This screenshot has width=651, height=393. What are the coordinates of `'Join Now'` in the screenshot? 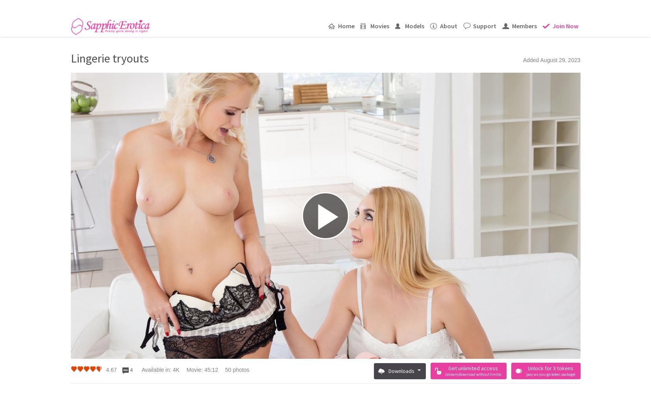 It's located at (552, 25).